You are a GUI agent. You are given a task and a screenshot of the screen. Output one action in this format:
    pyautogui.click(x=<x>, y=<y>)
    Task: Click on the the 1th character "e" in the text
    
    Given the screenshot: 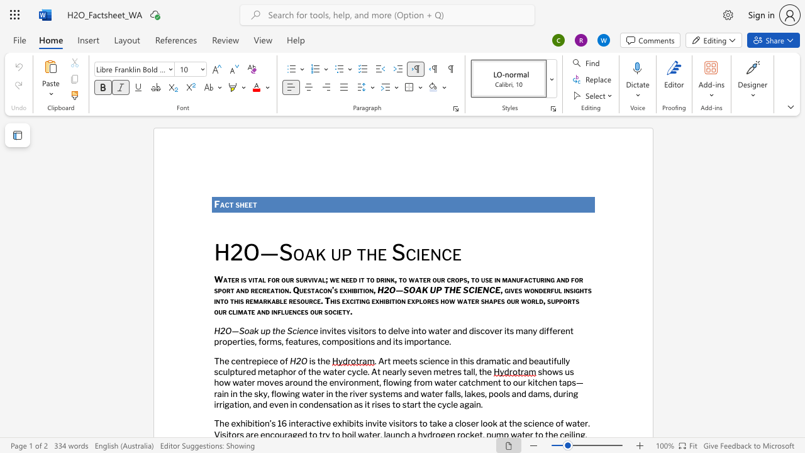 What is the action you would take?
    pyautogui.click(x=247, y=204)
    